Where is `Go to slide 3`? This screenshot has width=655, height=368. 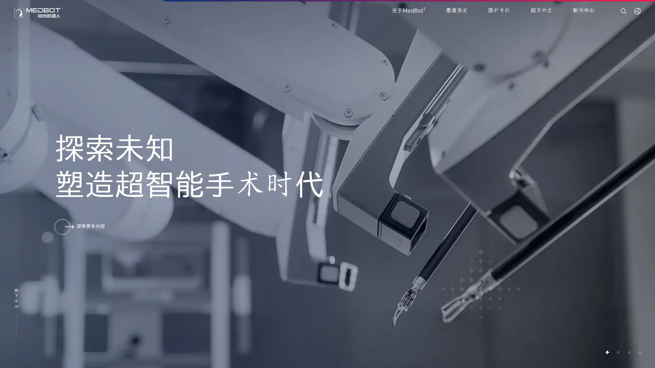 Go to slide 3 is located at coordinates (628, 352).